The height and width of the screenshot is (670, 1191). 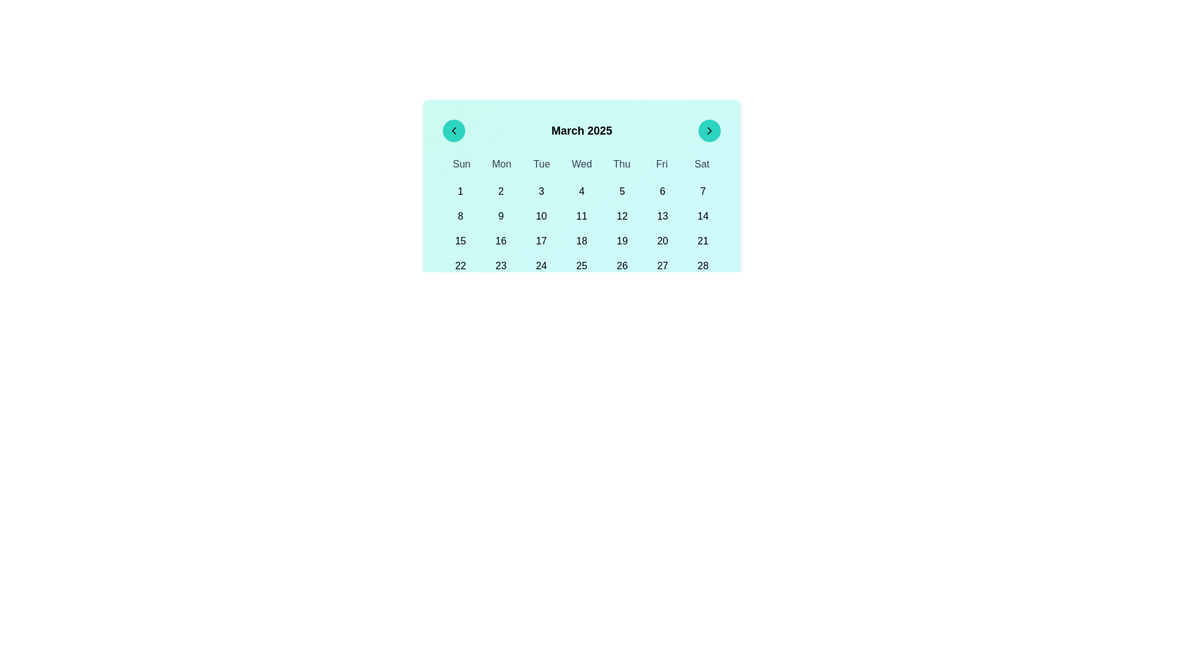 I want to click on the rounded rectangular button displaying the number '24' in bold black text, so click(x=541, y=265).